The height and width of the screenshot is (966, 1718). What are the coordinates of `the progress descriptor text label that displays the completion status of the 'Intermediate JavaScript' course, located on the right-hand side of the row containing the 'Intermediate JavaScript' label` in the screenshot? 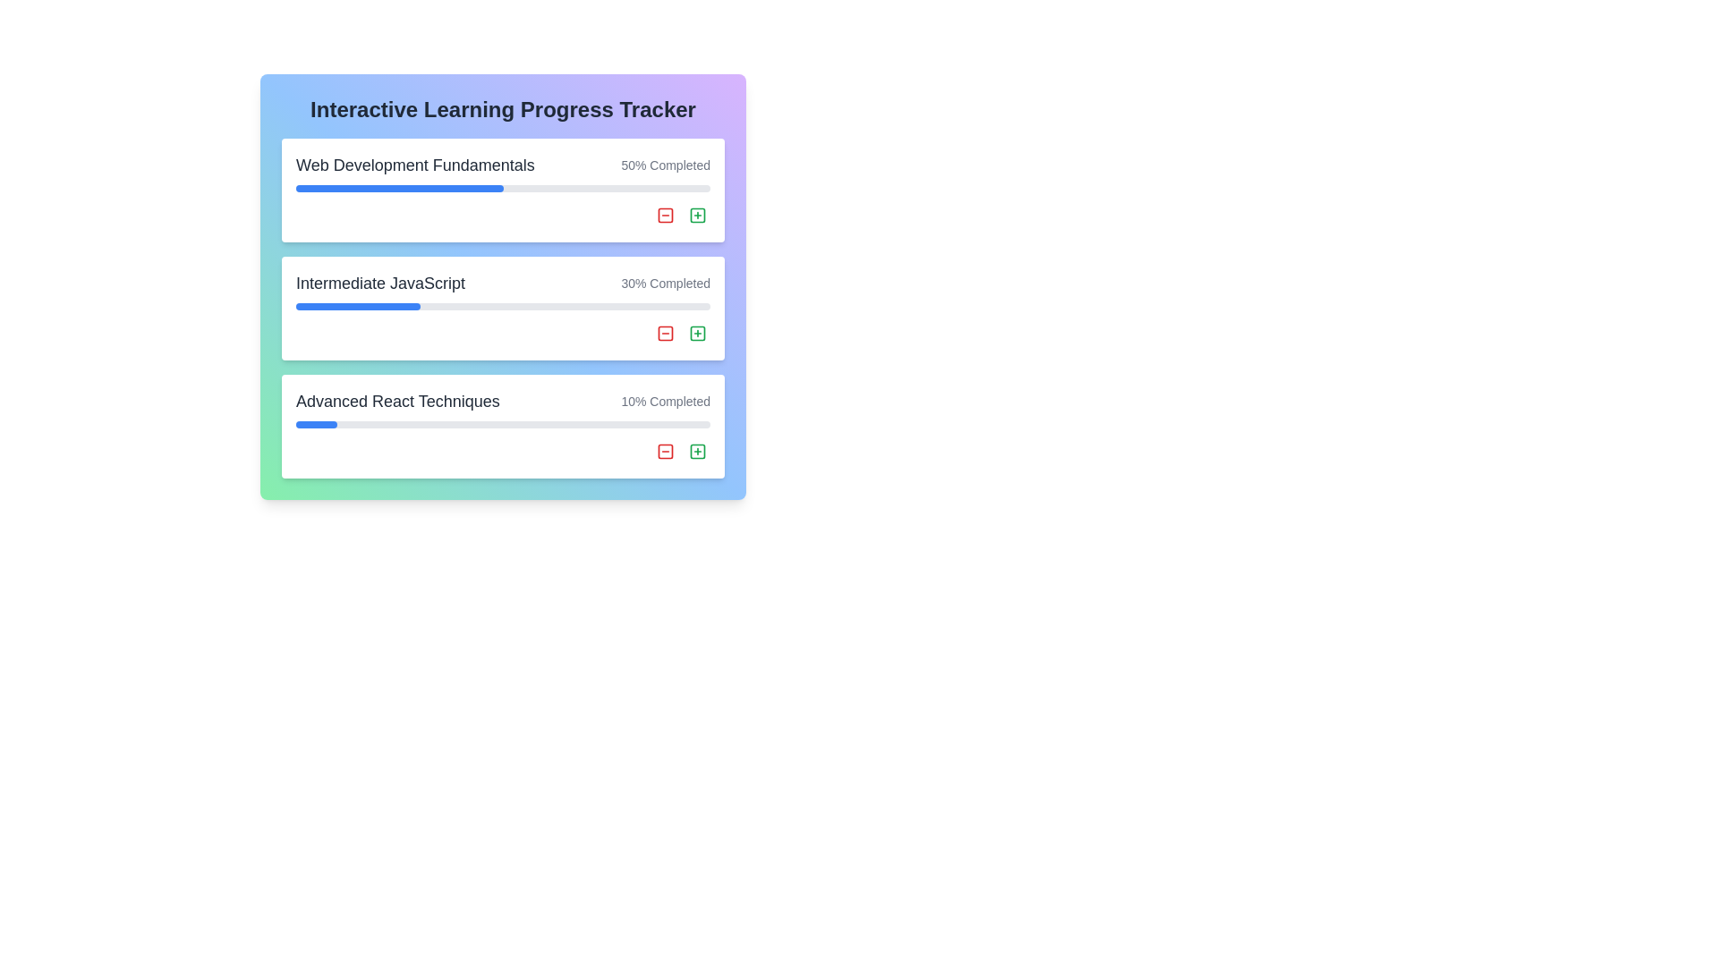 It's located at (665, 282).